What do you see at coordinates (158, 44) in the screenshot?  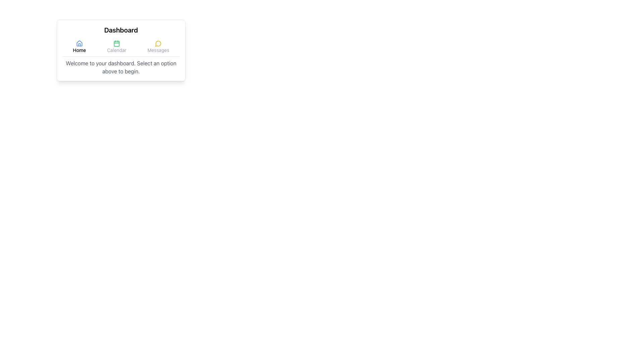 I see `the SVG graphic icon representing the 'Messages' feature, located in the 'Messages' section on the right of the header row under the 'Dashboard' title in the center card` at bounding box center [158, 44].